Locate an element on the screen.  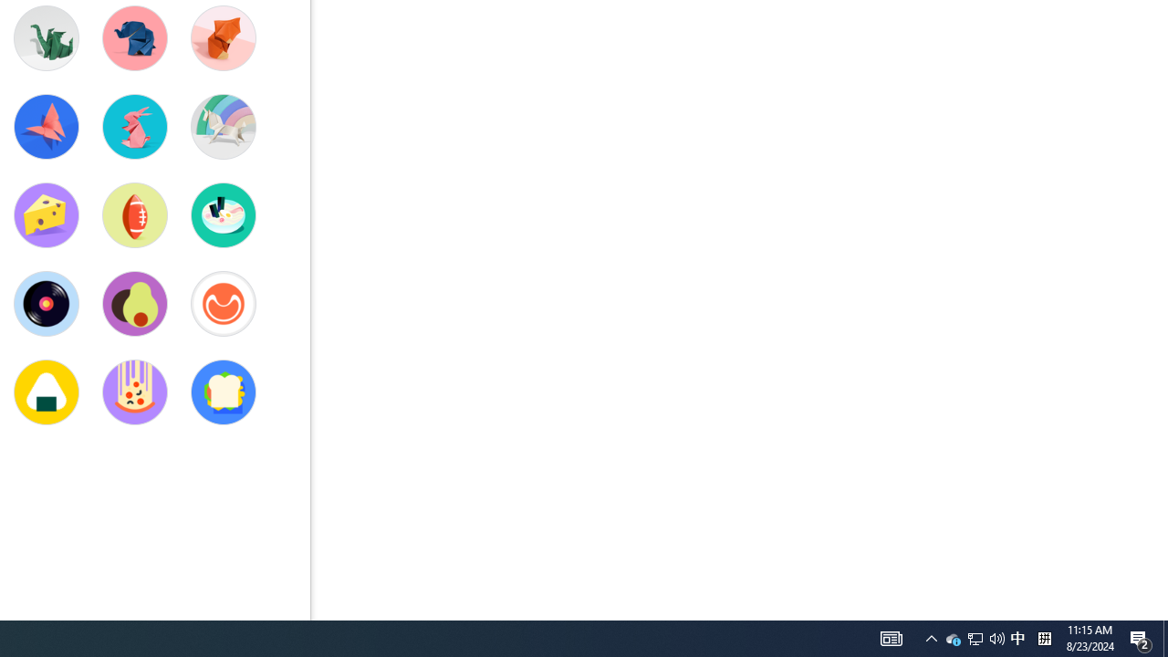
'User Promoted Notification Area' is located at coordinates (931, 637).